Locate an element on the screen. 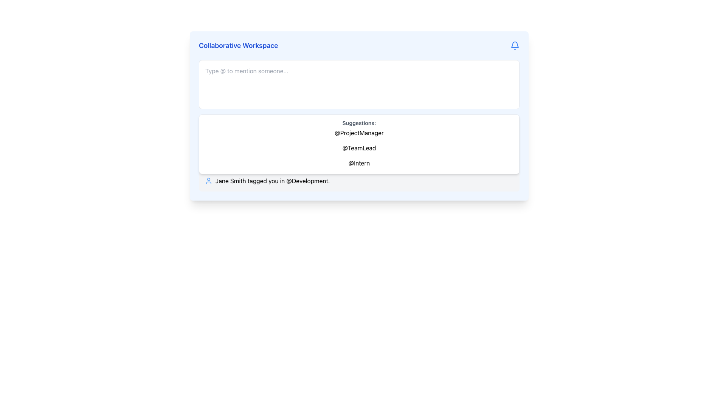 The width and height of the screenshot is (726, 408). notification entry about being tagged by 'Jane Smith', which is the second entry in the activity log section is located at coordinates (359, 175).